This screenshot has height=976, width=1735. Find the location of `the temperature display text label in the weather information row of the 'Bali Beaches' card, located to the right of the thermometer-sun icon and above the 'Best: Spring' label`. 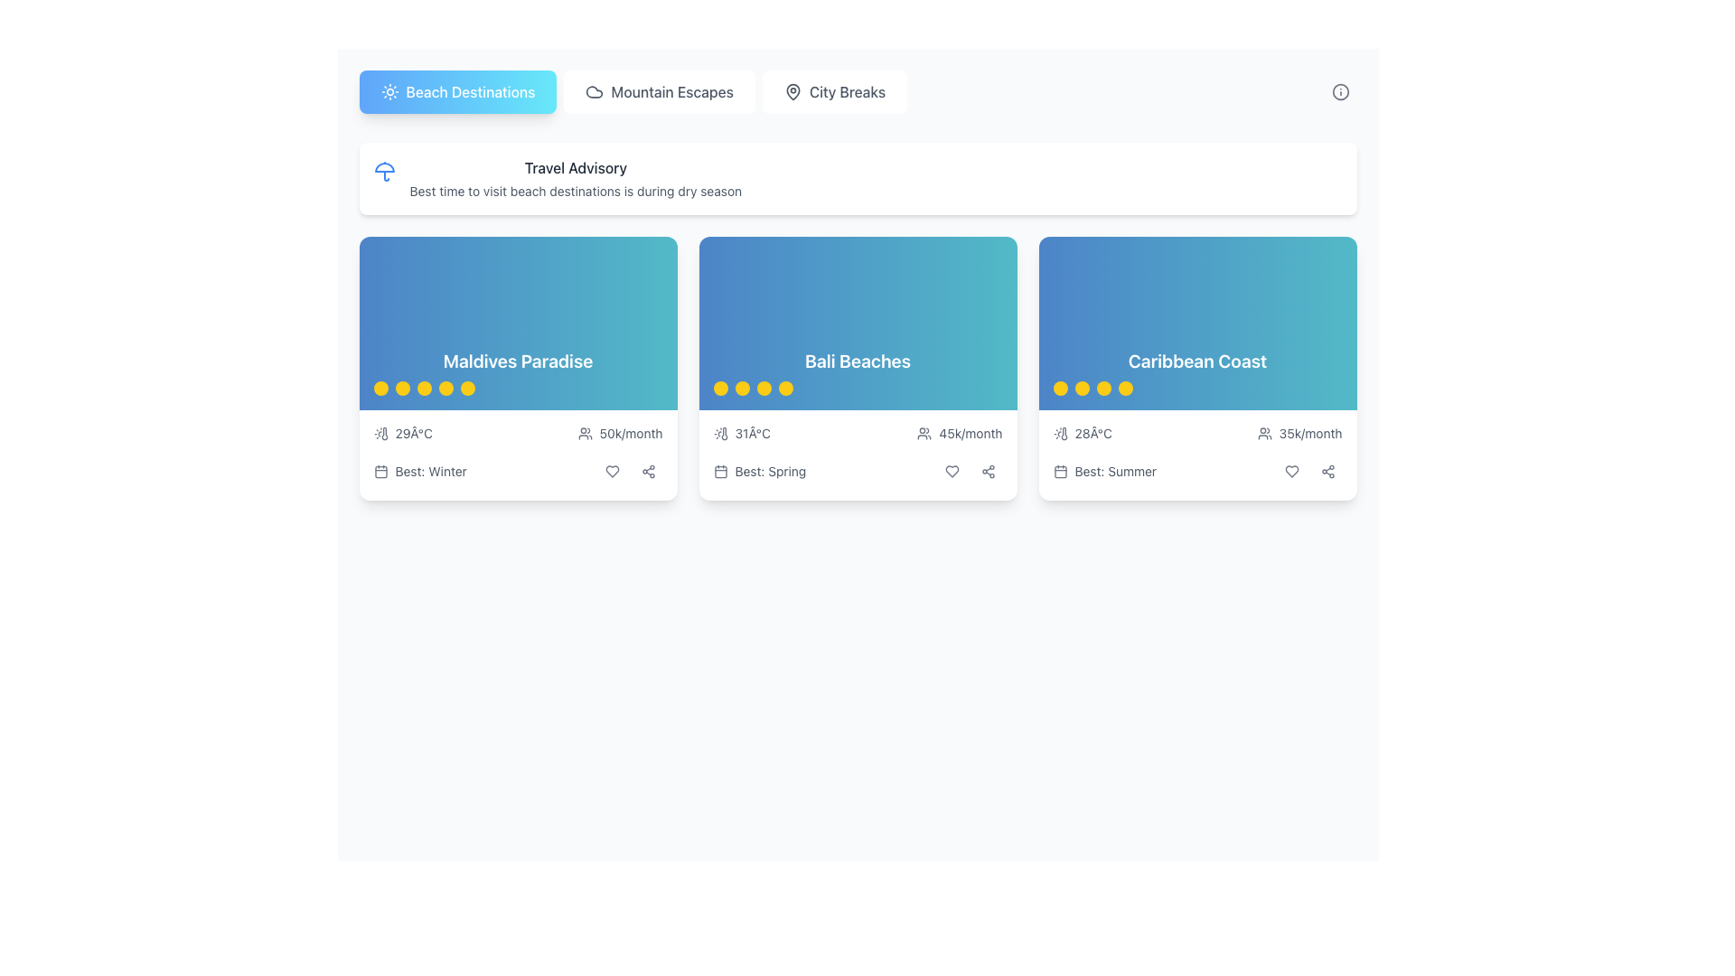

the temperature display text label in the weather information row of the 'Bali Beaches' card, located to the right of the thermometer-sun icon and above the 'Best: Spring' label is located at coordinates (753, 433).